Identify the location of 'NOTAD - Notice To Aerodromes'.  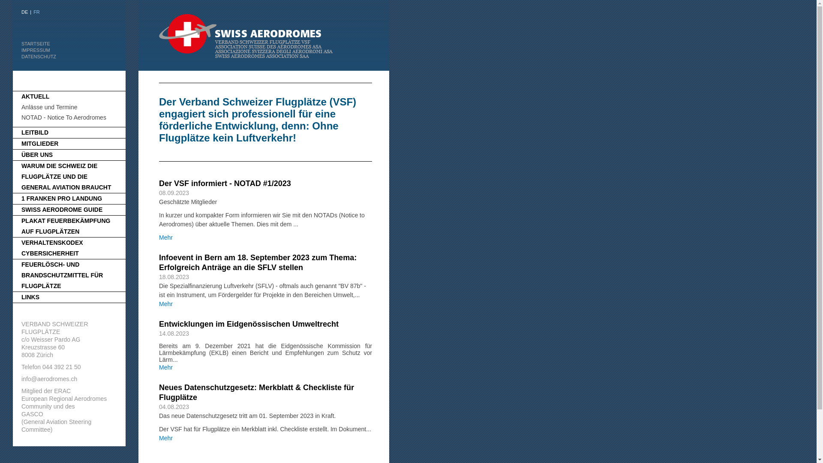
(63, 117).